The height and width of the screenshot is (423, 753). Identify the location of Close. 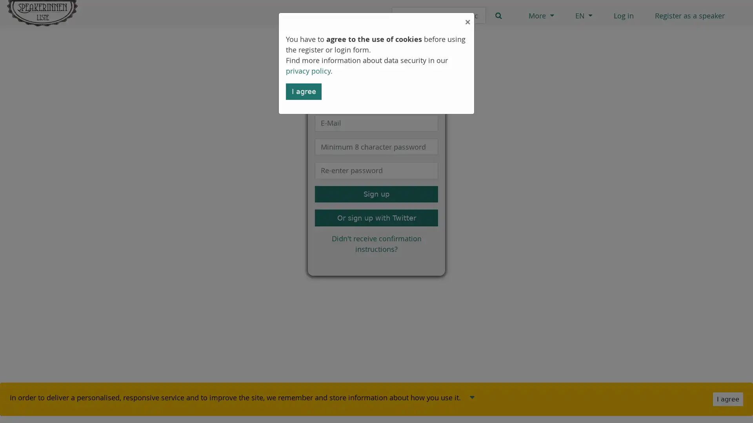
(376, 19).